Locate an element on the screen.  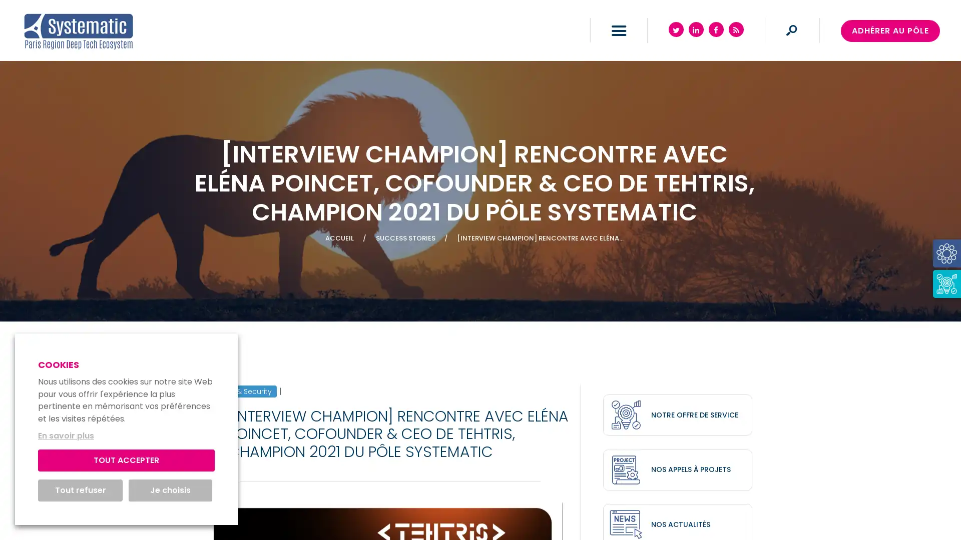
Tout refuser is located at coordinates (80, 489).